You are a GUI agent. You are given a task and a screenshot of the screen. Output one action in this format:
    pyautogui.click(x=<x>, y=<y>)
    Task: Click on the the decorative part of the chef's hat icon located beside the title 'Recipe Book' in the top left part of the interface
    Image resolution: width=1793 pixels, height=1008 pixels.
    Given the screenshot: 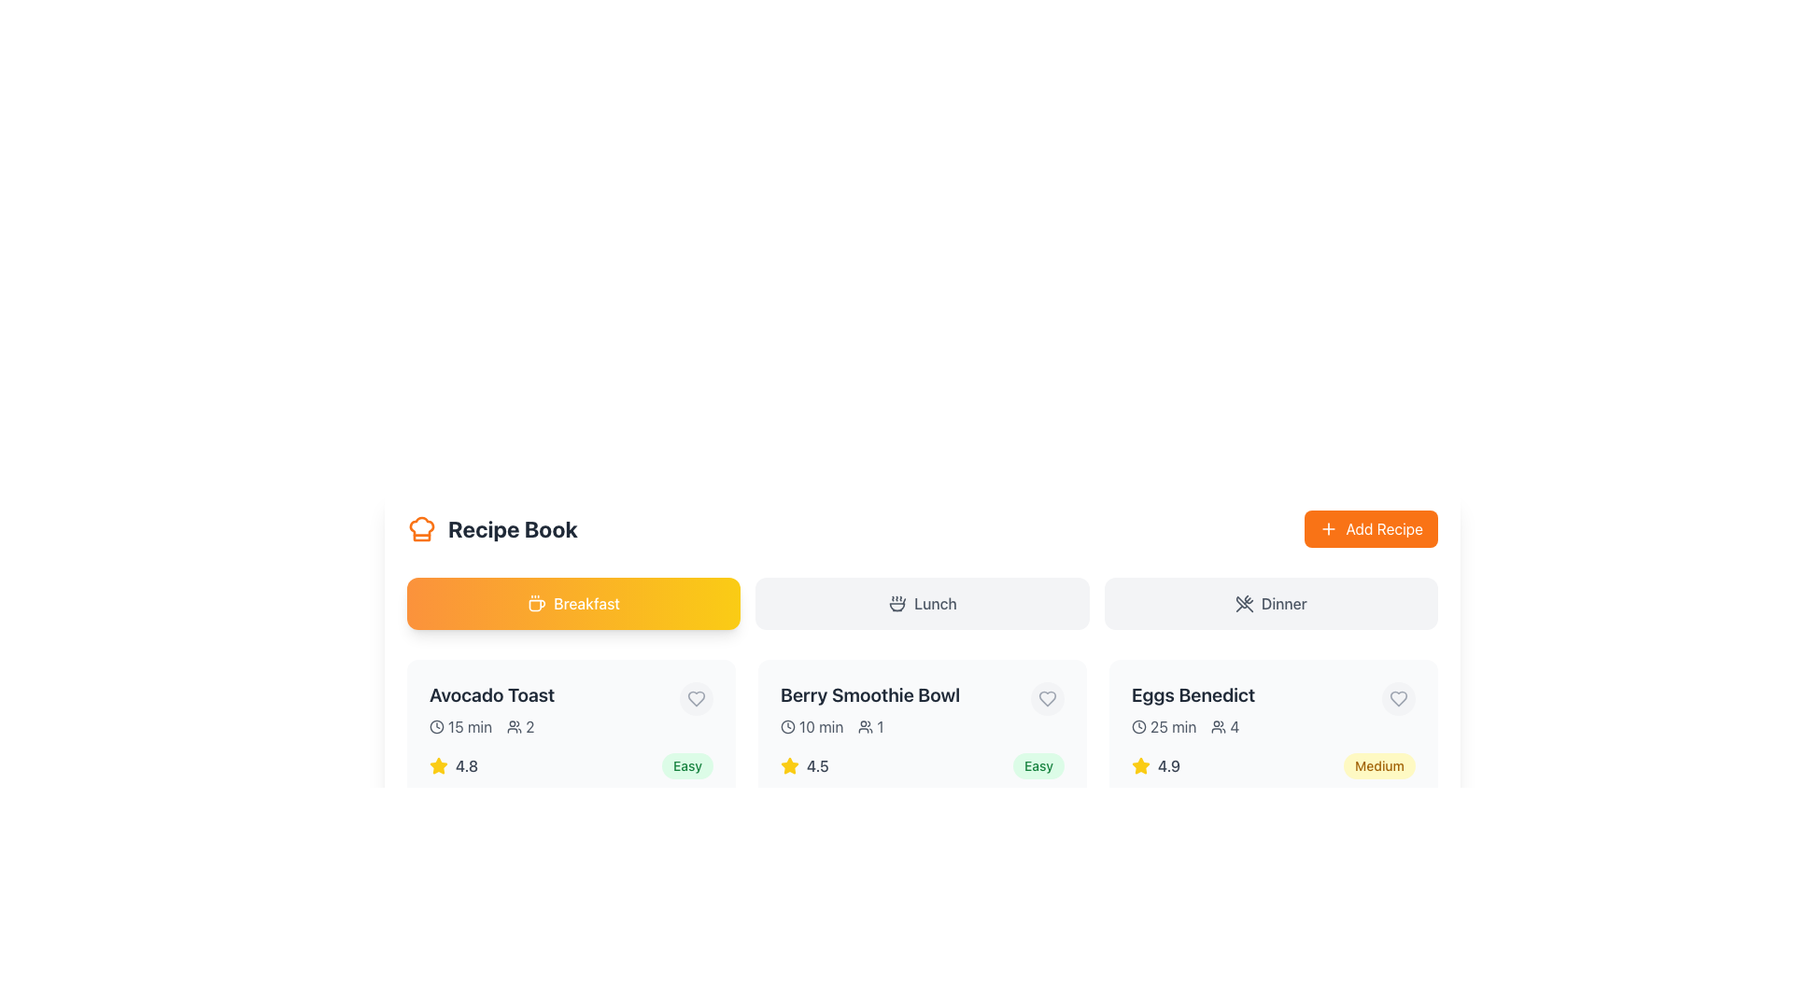 What is the action you would take?
    pyautogui.click(x=420, y=529)
    